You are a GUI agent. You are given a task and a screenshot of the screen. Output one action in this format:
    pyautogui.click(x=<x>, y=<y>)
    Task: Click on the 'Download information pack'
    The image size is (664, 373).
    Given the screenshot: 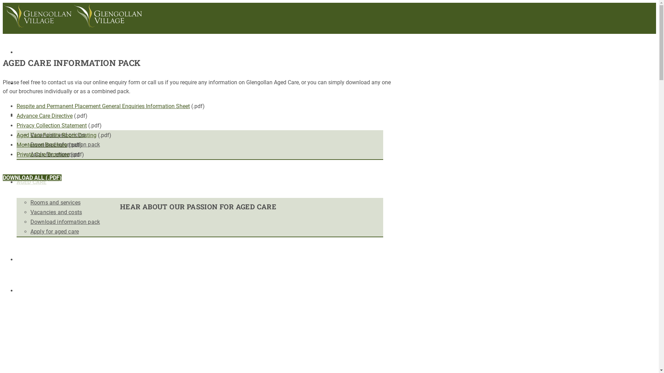 What is the action you would take?
    pyautogui.click(x=30, y=222)
    